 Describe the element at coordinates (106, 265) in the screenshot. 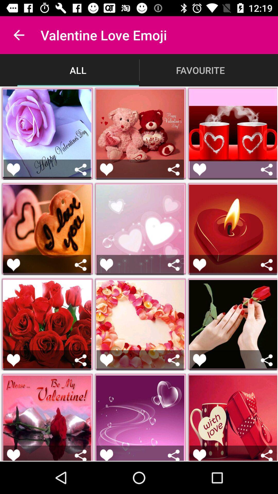

I see `like/save` at that location.